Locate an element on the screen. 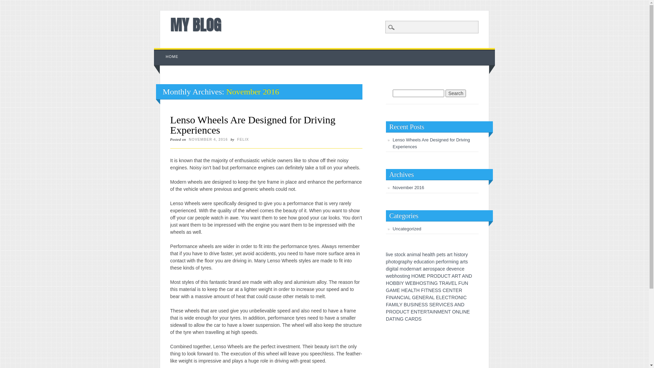 The width and height of the screenshot is (654, 368). 'R' is located at coordinates (461, 290).